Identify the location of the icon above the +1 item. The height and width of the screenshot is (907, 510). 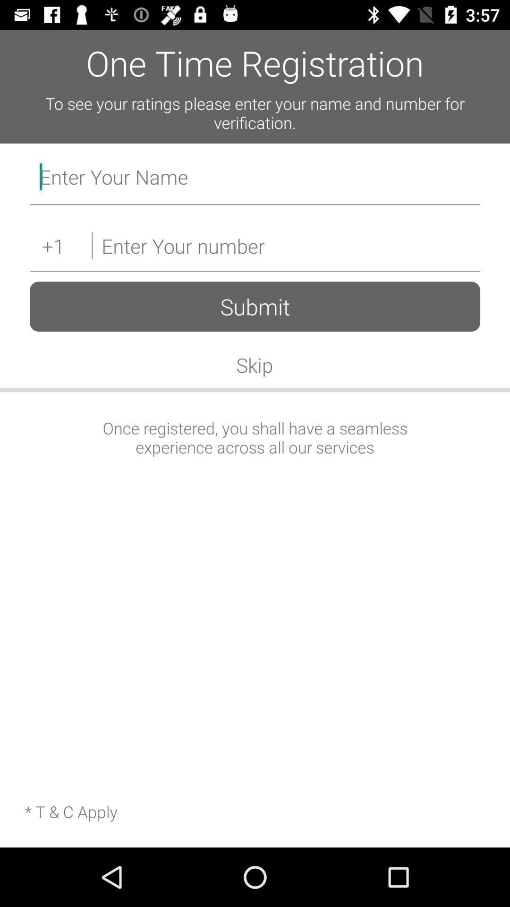
(255, 179).